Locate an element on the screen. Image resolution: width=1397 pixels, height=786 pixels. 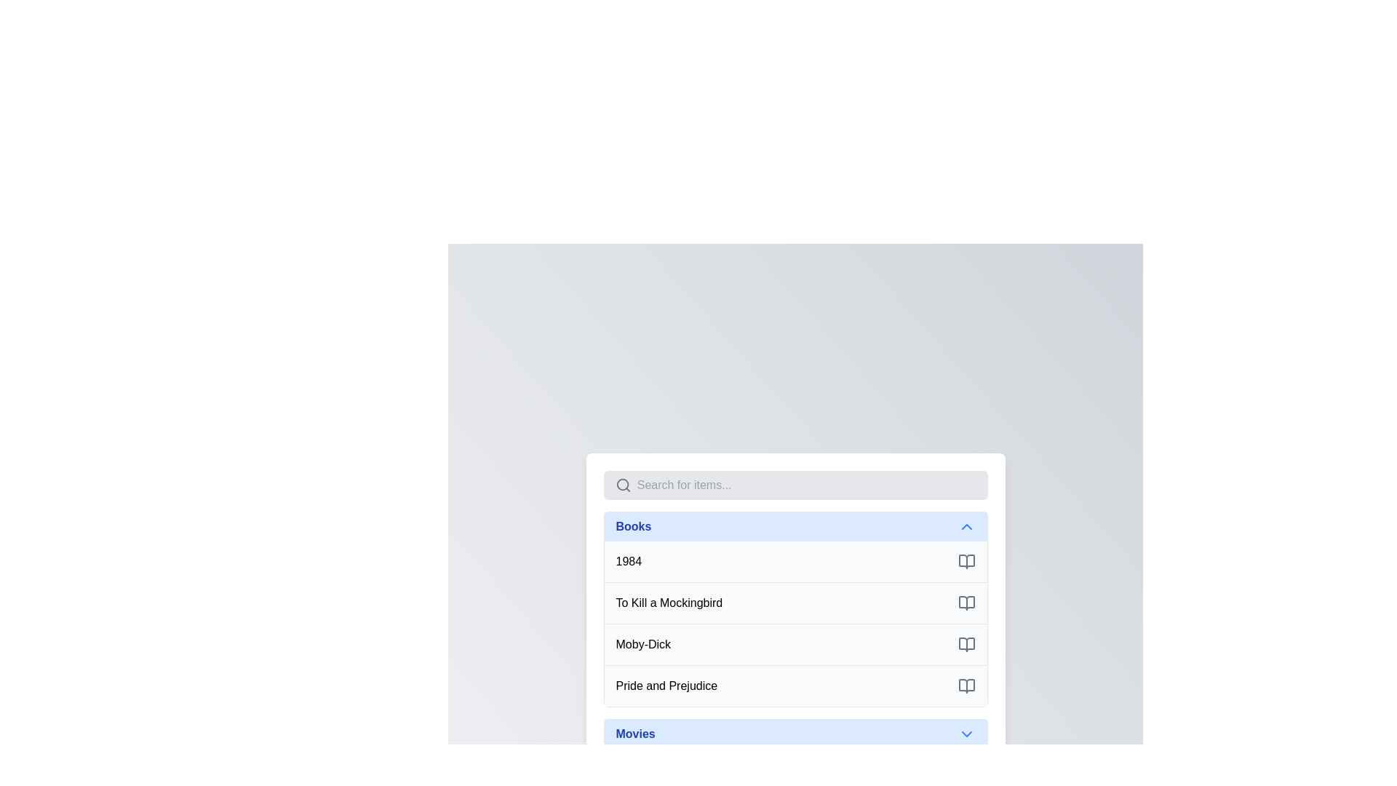
the decorative circular element within the magnifying glass icon, located to the left of the 'Search for items...' input field is located at coordinates (622, 484).